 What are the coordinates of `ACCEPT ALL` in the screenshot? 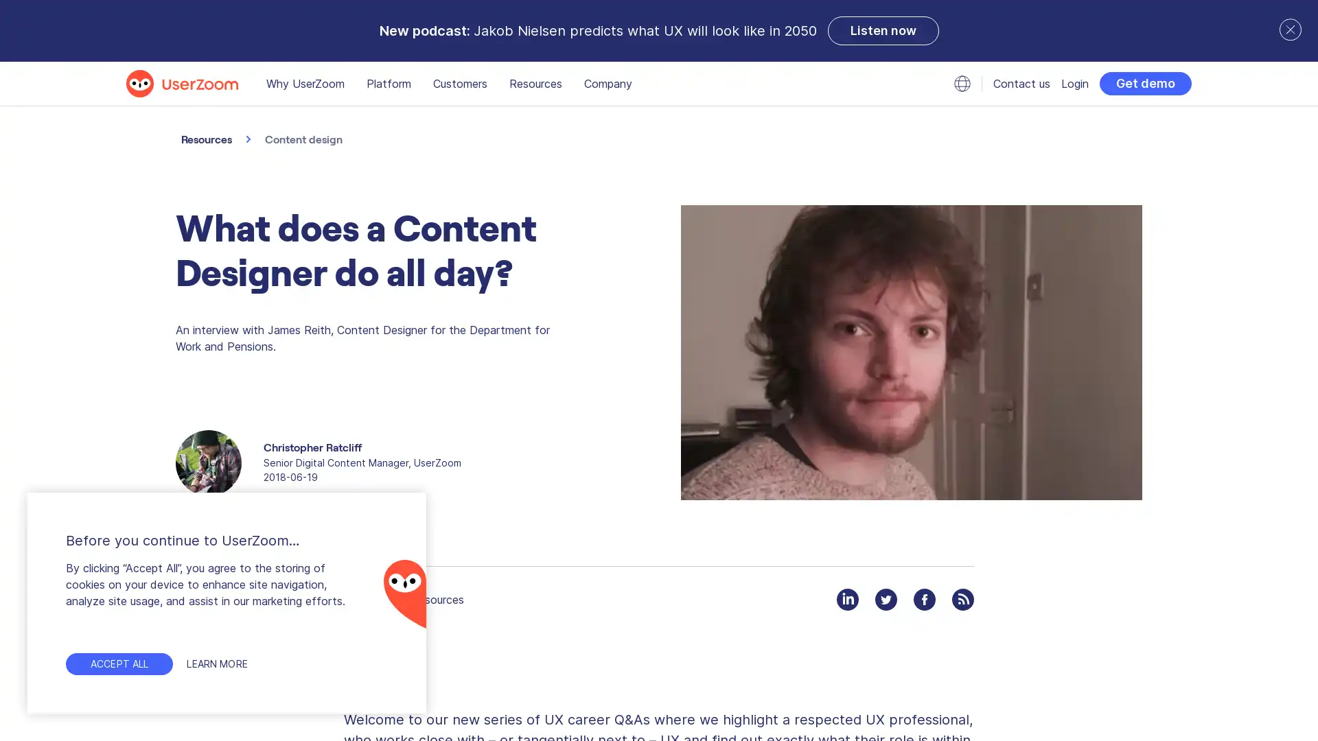 It's located at (119, 663).